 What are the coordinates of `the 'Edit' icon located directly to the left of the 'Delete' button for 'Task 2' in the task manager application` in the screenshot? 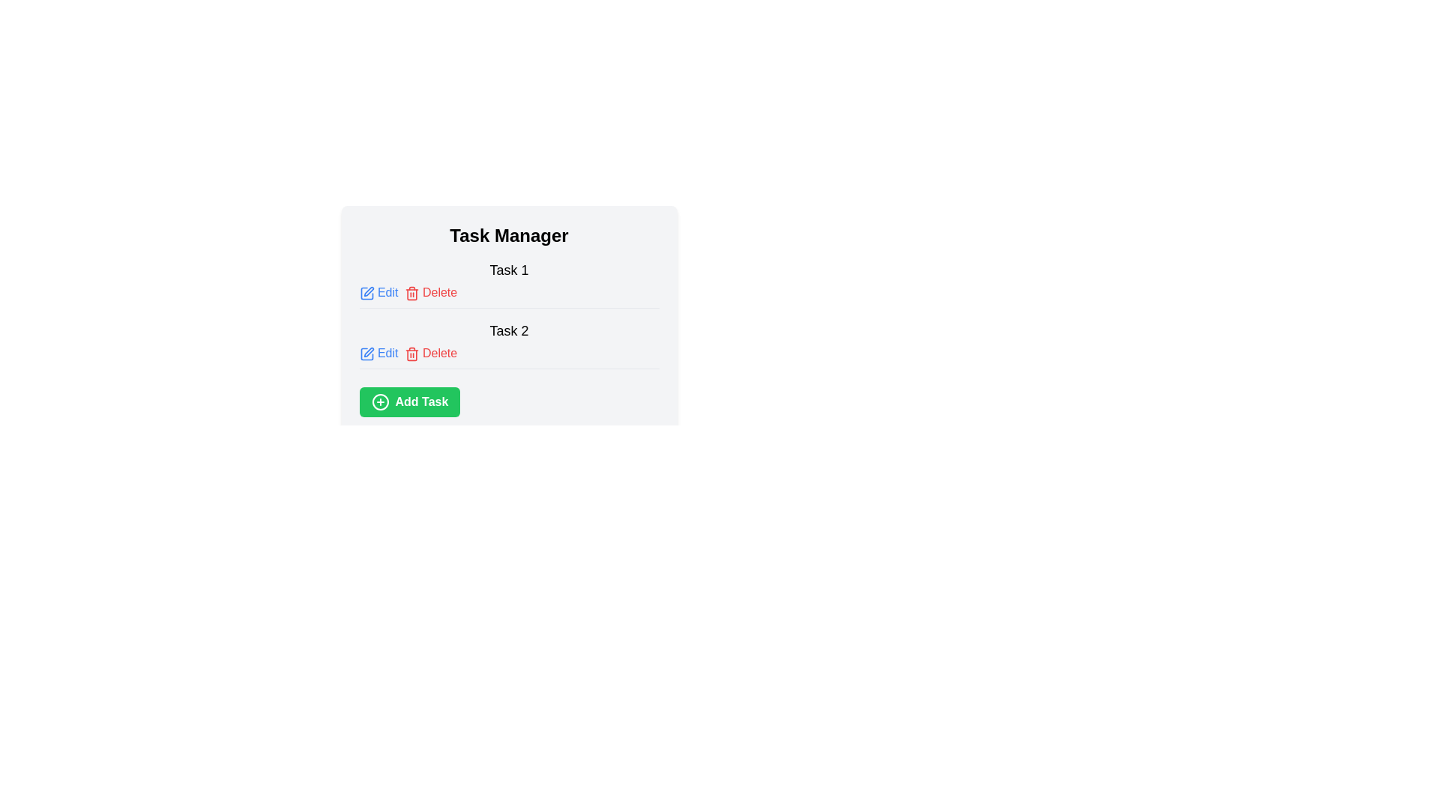 It's located at (366, 354).